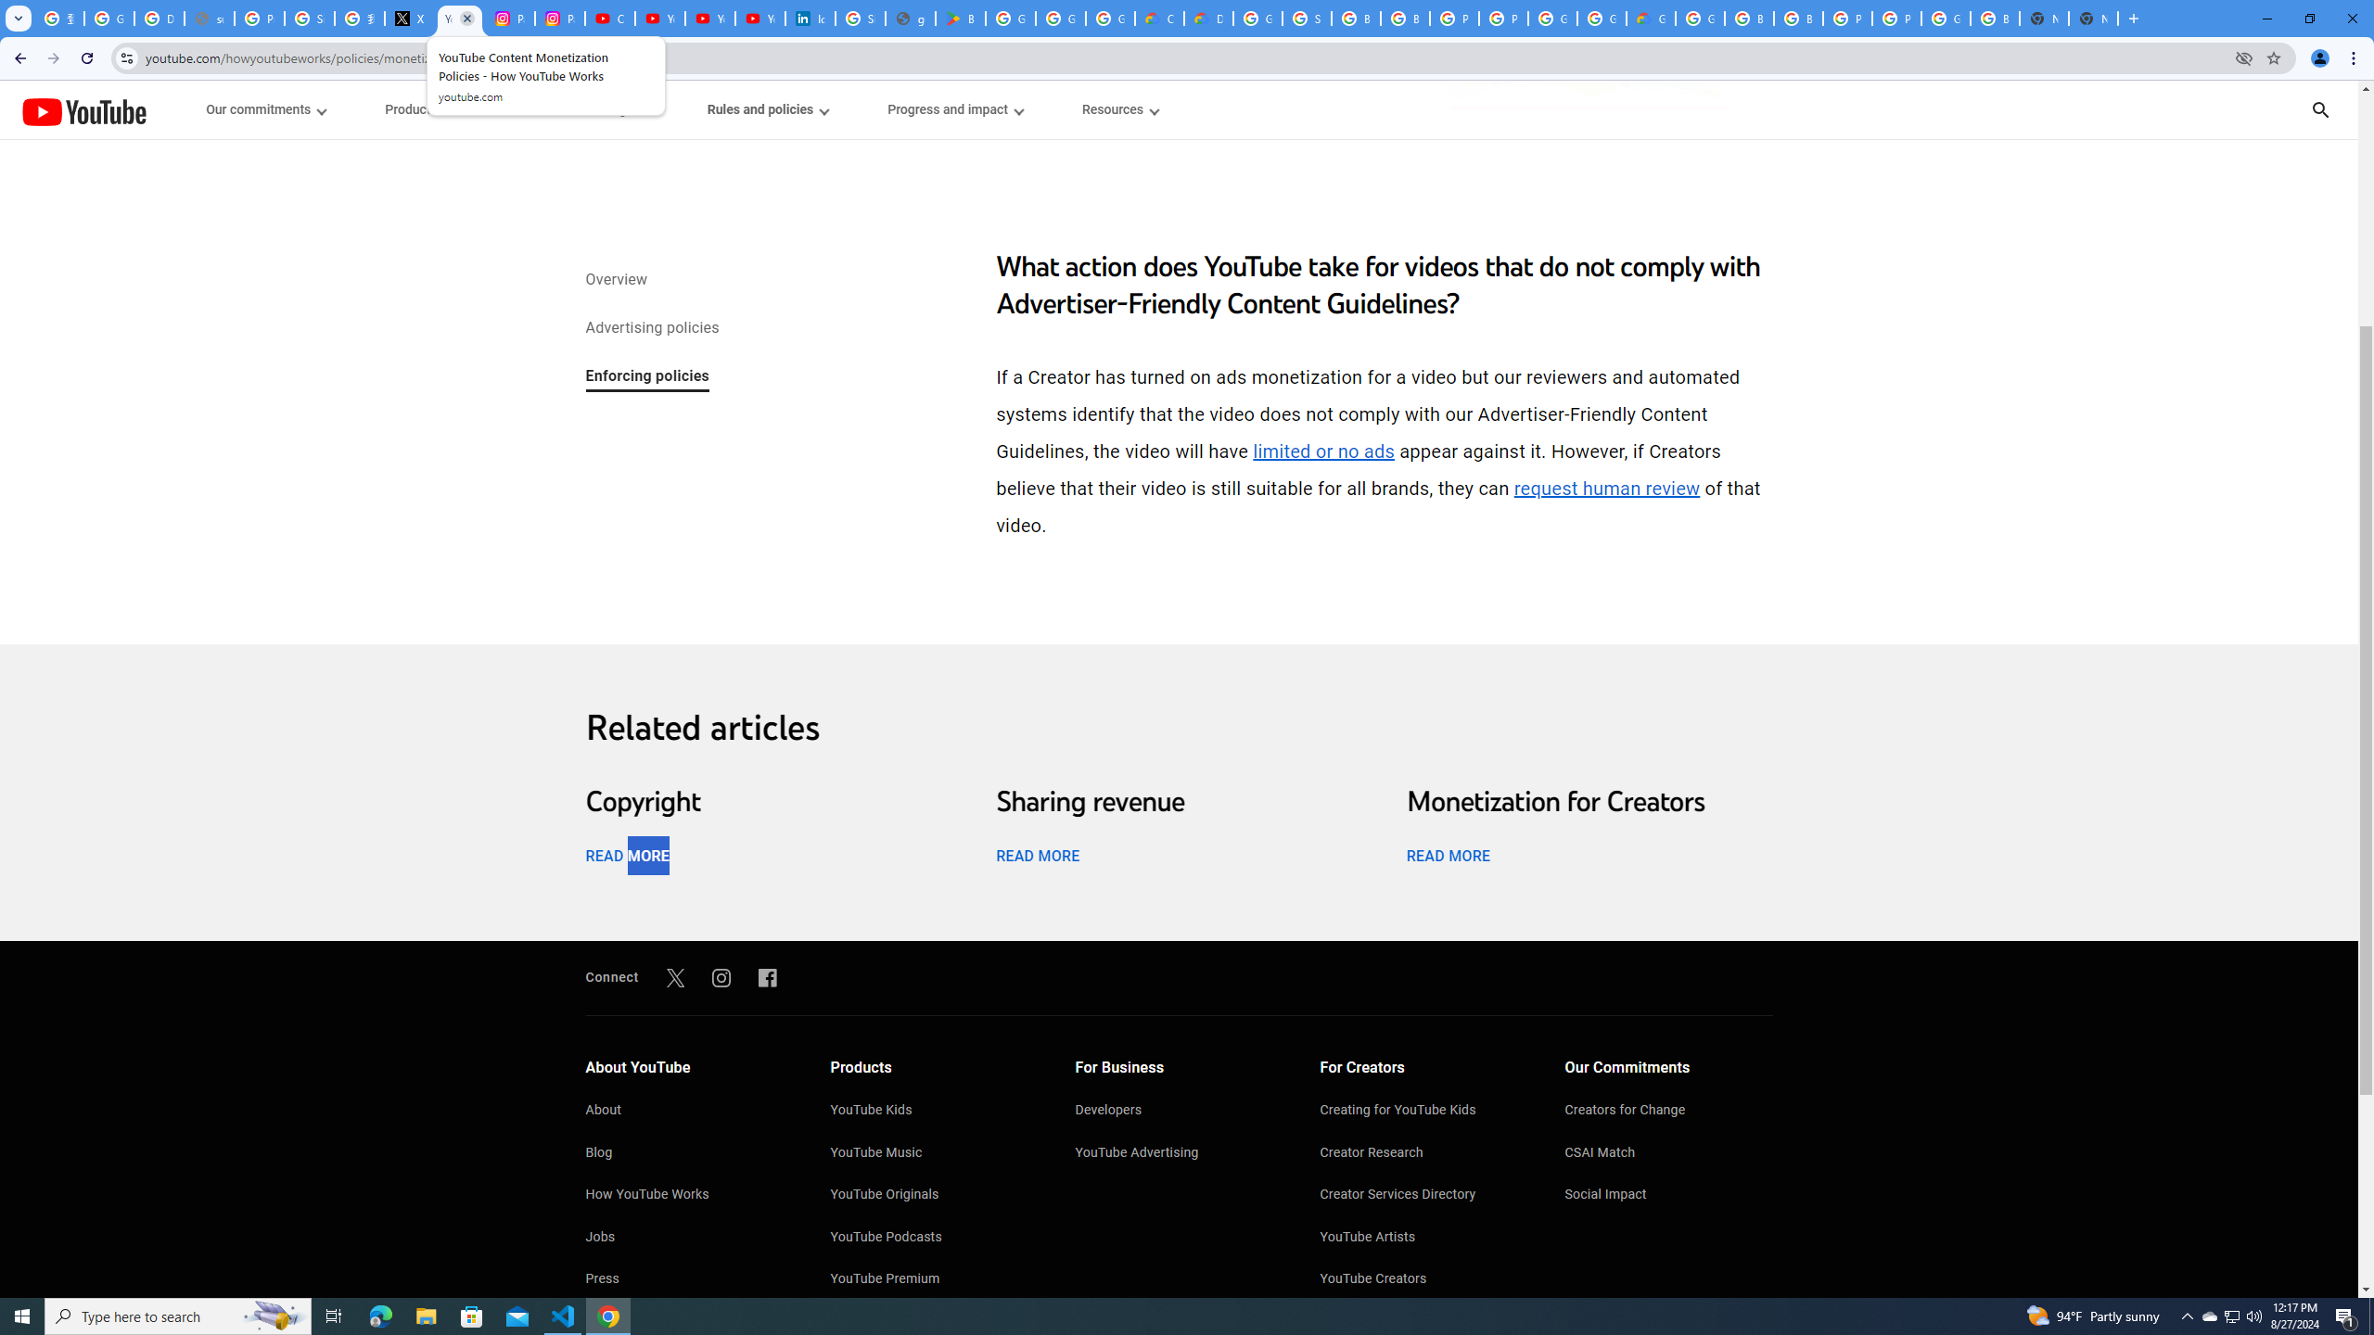  I want to click on 'Blog', so click(687, 1153).